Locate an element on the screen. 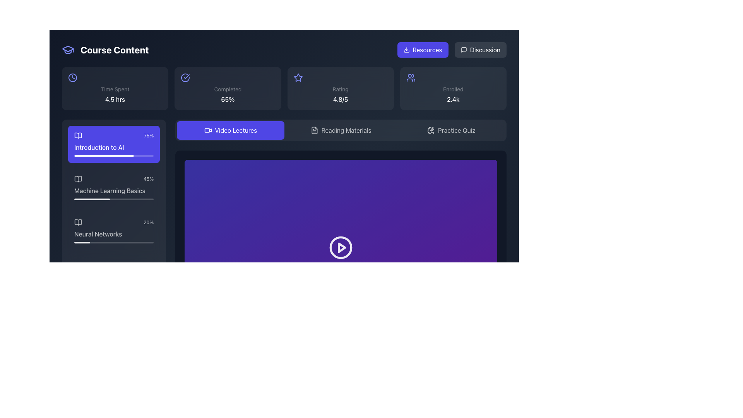 This screenshot has height=418, width=743. the 'Completed' text label which is styled in semi-transparent white font and positioned above the percentage value '65%' in the card-like section is located at coordinates (227, 89).